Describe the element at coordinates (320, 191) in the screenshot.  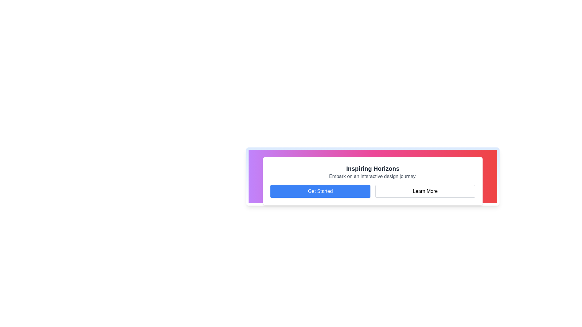
I see `the 'Get Started' button, which is the leftmost button in a horizontal layout, to activate its hover effect` at that location.